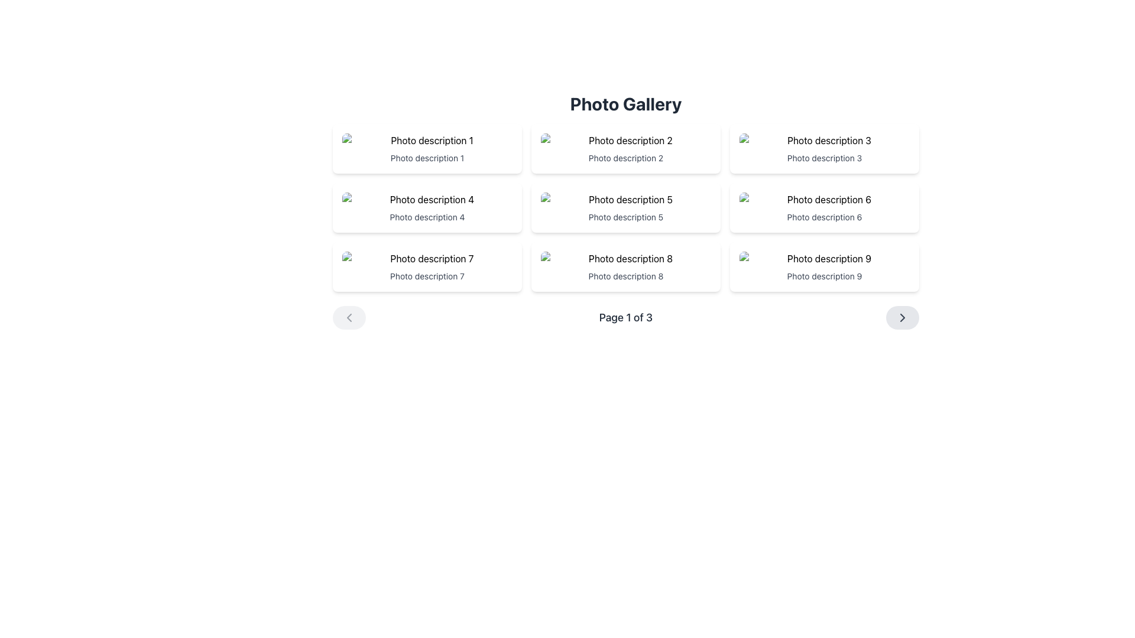 The height and width of the screenshot is (638, 1135). What do you see at coordinates (901, 317) in the screenshot?
I see `the chevron icon located in the bottom-right corner of the interface` at bounding box center [901, 317].